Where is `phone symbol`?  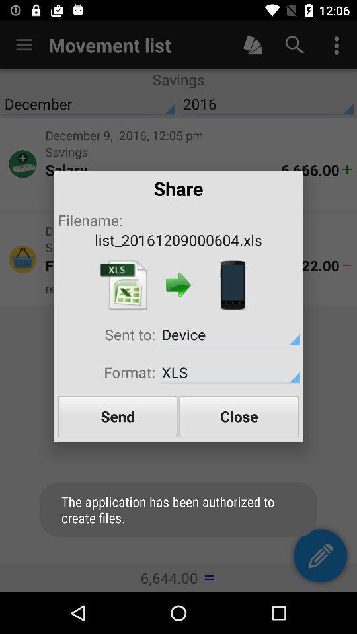
phone symbol is located at coordinates (232, 285).